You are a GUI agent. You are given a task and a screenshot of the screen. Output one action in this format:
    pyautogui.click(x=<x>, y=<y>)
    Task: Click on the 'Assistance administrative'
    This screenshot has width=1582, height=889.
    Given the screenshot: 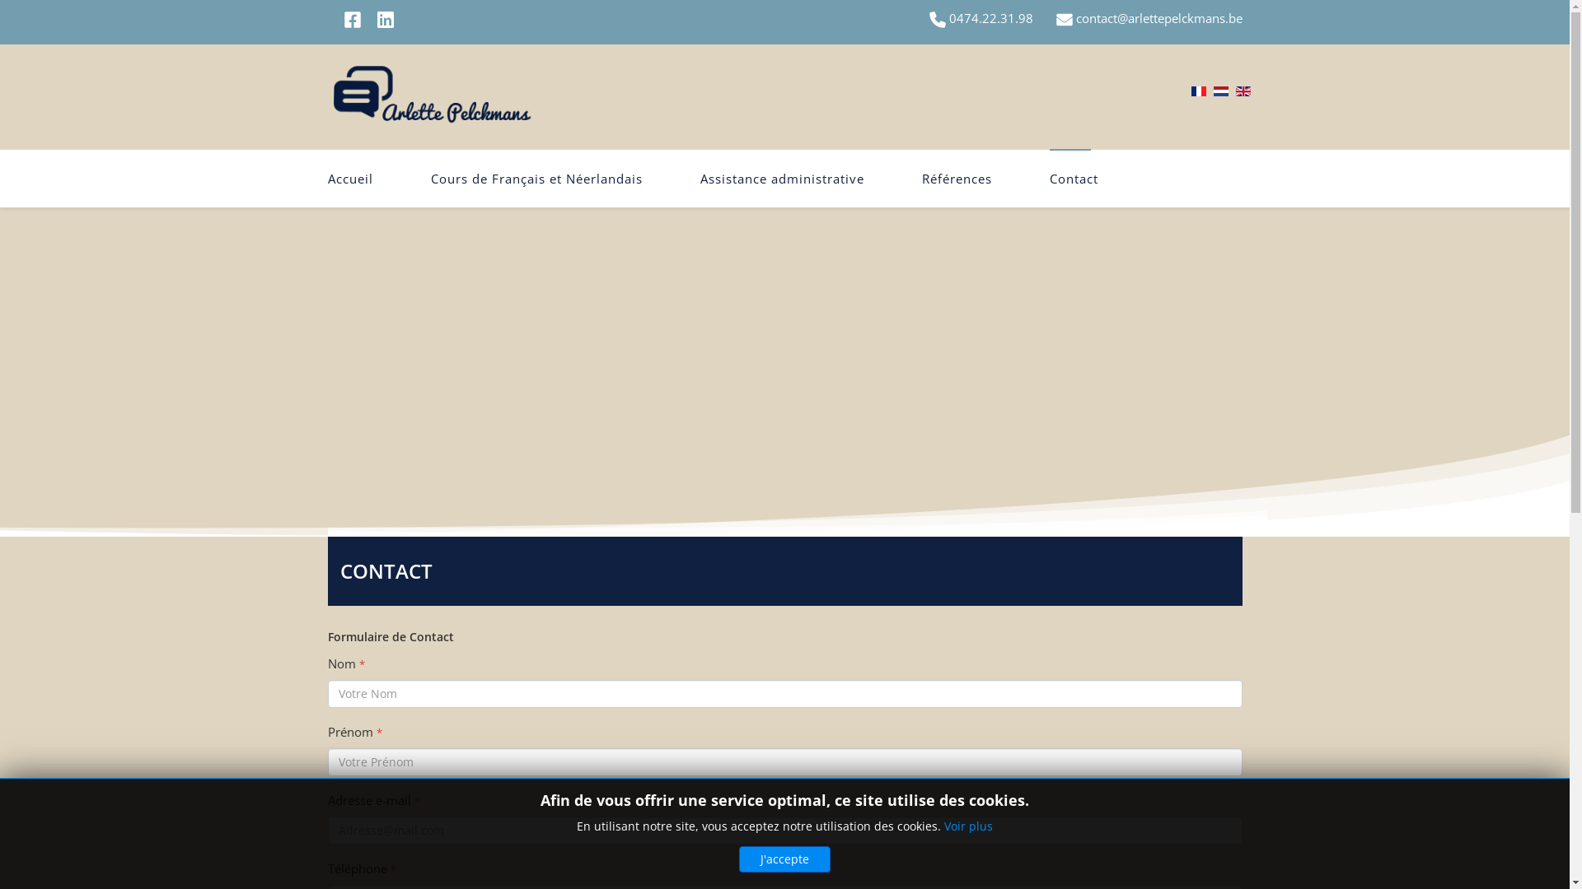 What is the action you would take?
    pyautogui.click(x=780, y=178)
    